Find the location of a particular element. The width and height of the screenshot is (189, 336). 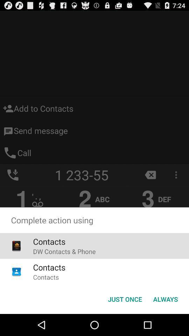

the icon below complete action using item is located at coordinates (165, 299).